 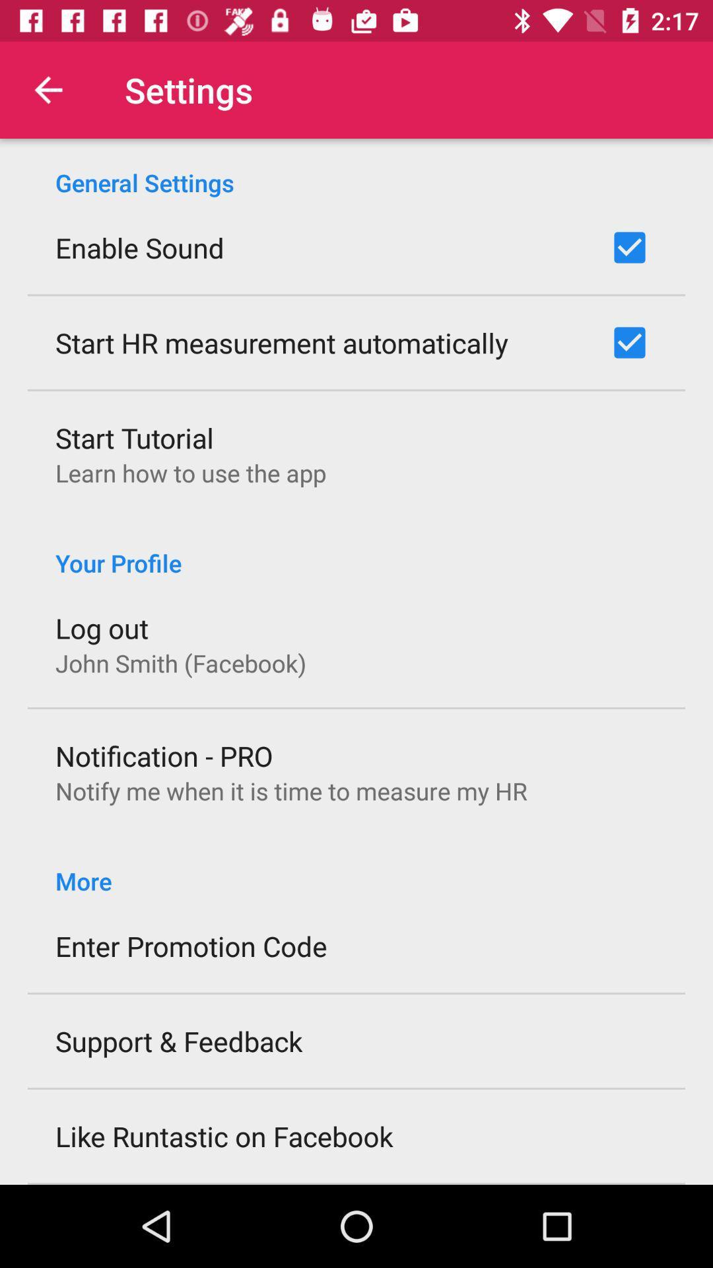 I want to click on notify me when item, so click(x=290, y=791).